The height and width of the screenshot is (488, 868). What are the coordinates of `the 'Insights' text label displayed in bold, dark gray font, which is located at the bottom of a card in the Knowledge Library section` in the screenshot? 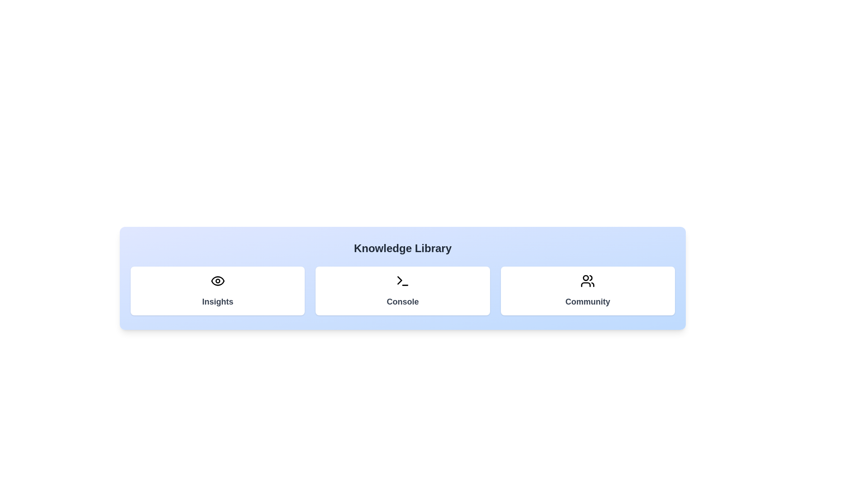 It's located at (217, 301).